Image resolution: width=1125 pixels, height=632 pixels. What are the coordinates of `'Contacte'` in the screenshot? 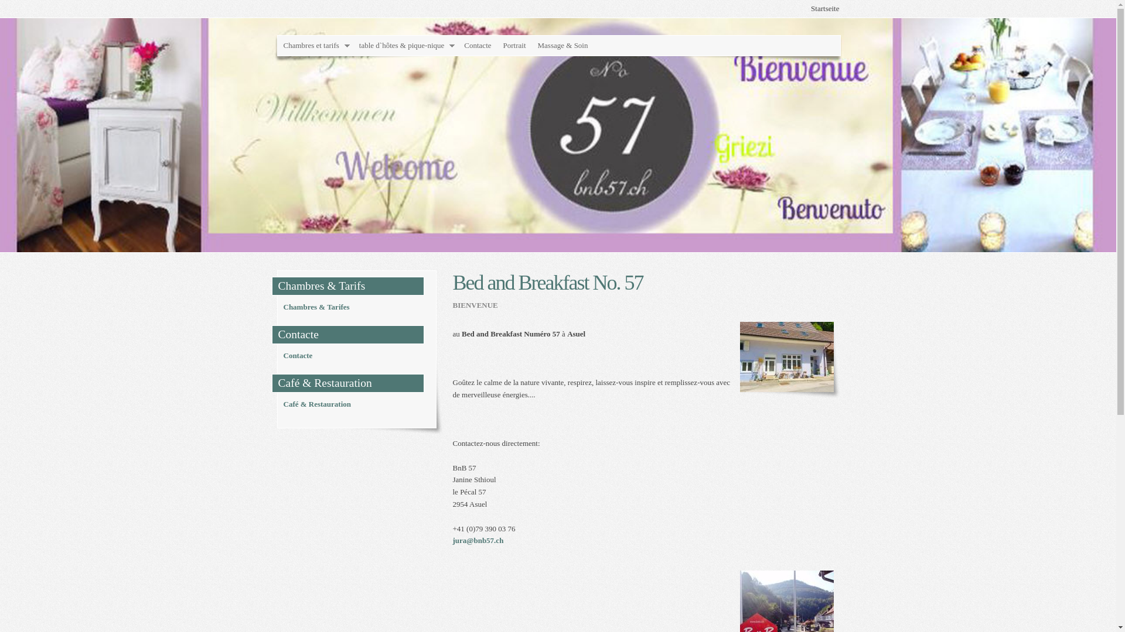 It's located at (478, 44).